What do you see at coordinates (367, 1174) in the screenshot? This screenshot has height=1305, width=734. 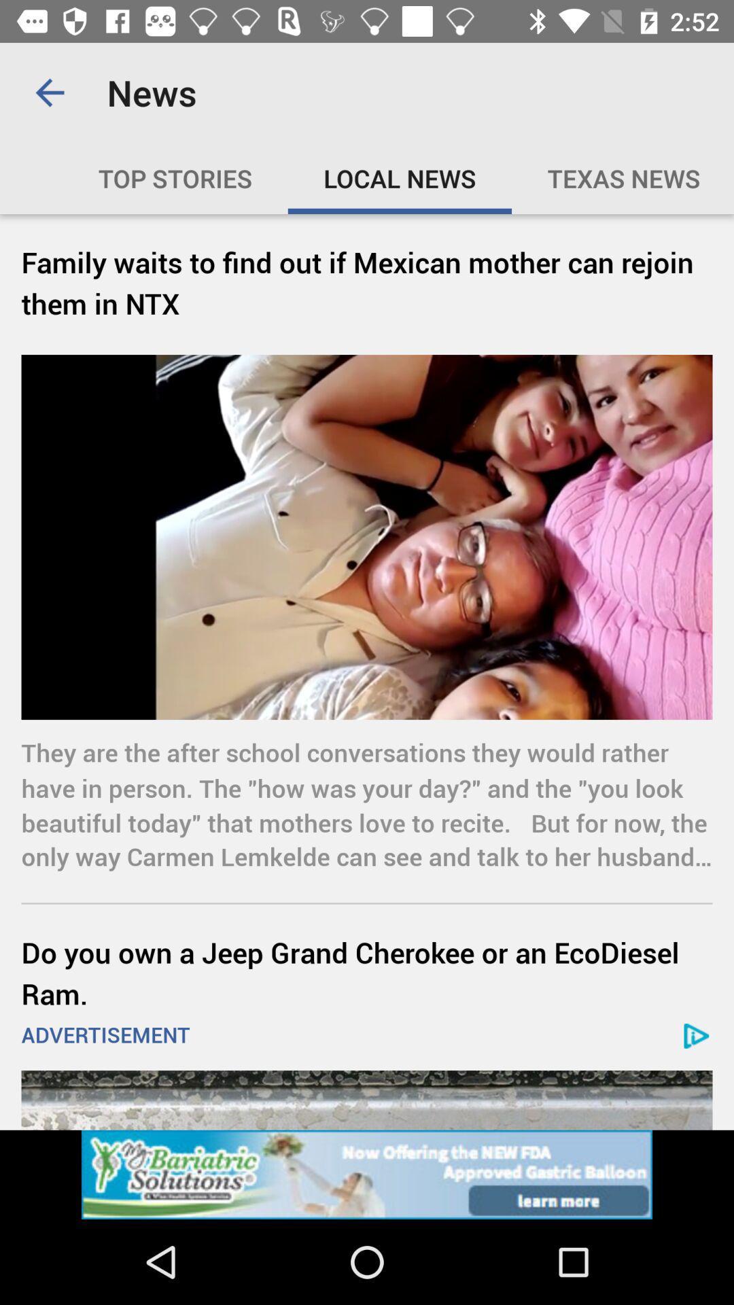 I see `website advertisement` at bounding box center [367, 1174].